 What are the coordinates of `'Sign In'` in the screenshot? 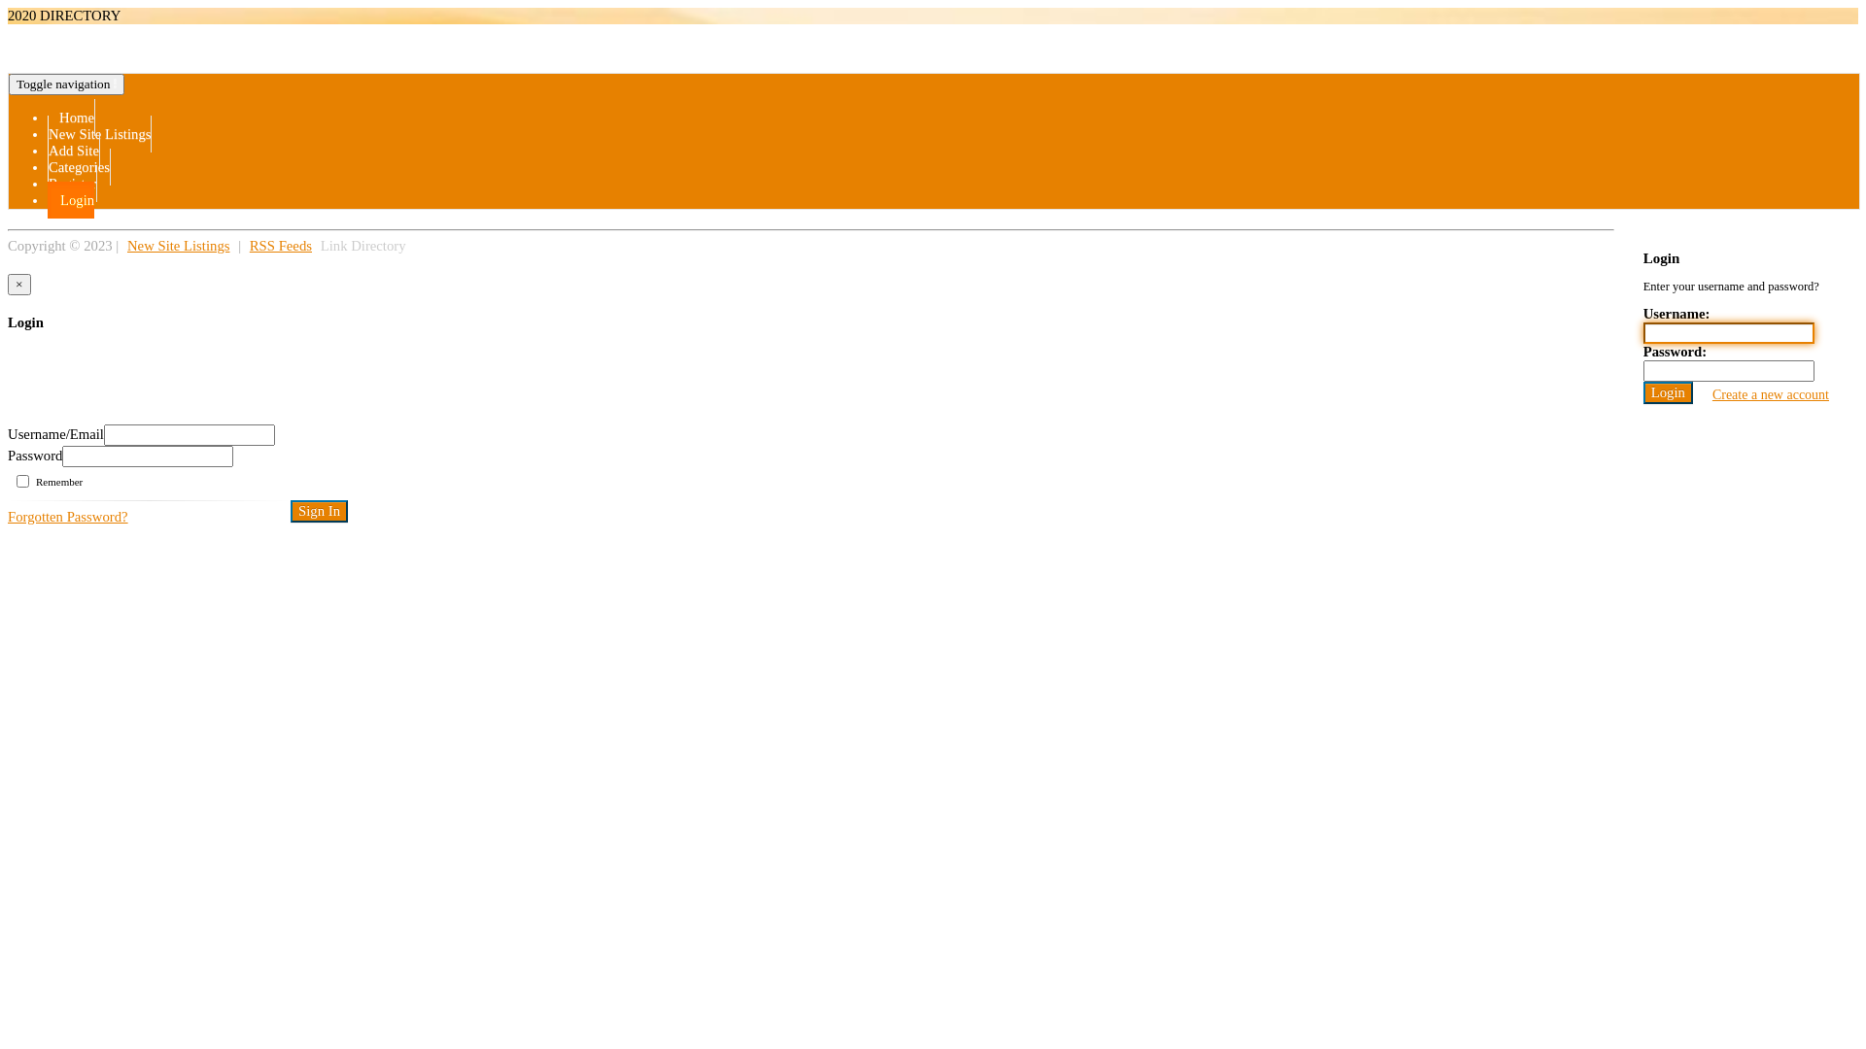 It's located at (319, 510).